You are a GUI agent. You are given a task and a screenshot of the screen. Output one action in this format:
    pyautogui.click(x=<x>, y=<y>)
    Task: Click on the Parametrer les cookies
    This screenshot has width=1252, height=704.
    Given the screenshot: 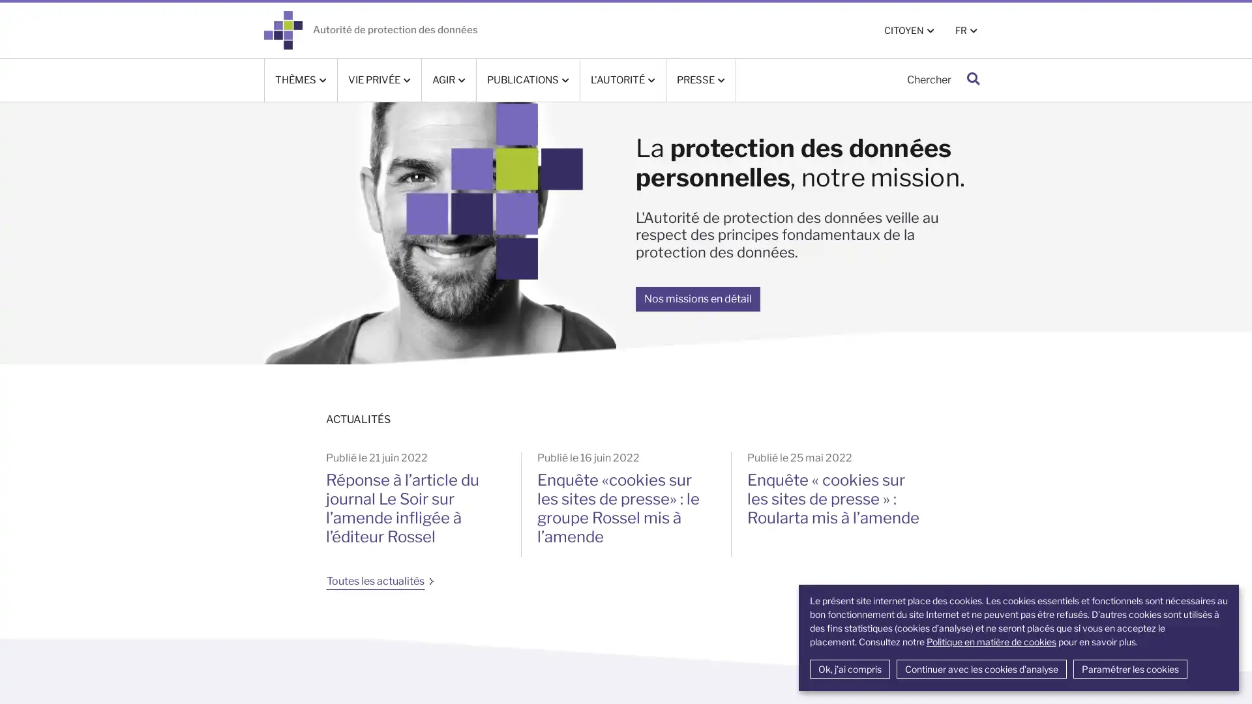 What is the action you would take?
    pyautogui.click(x=1129, y=669)
    